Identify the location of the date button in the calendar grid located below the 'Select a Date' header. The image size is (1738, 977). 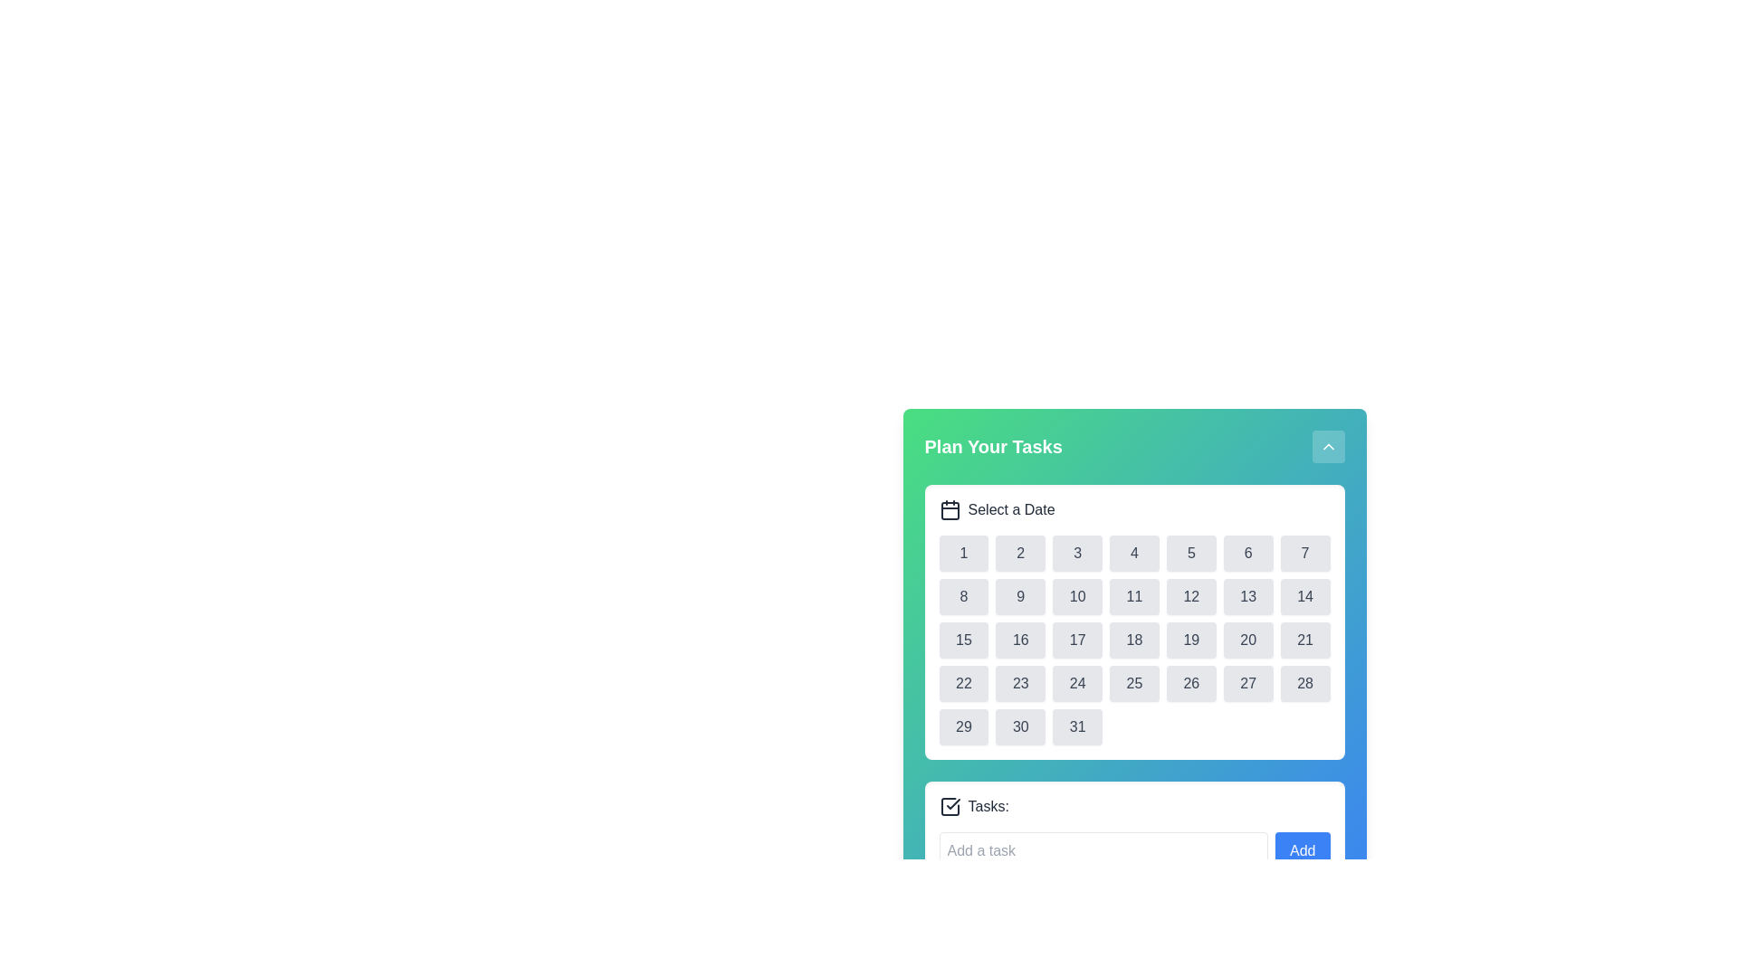
(1133, 640).